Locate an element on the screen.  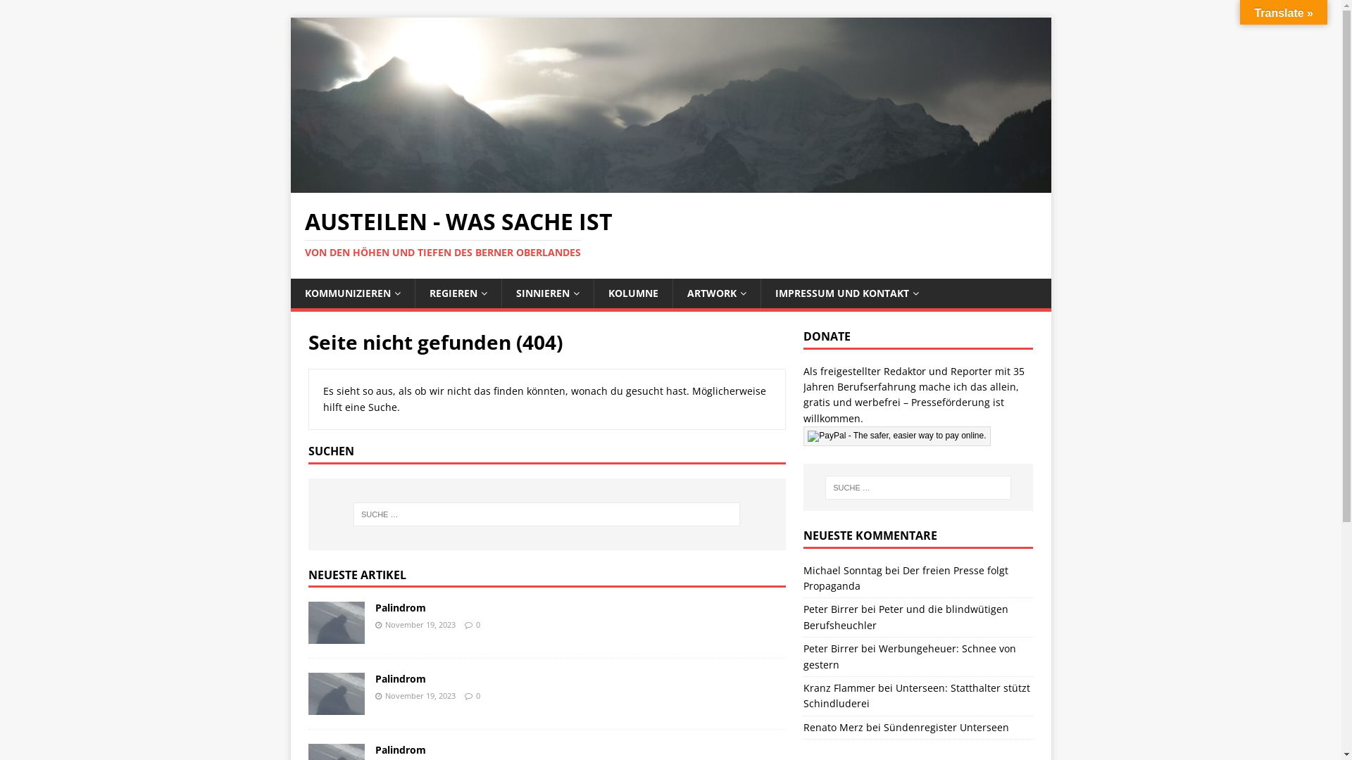
'SINNIEREN' is located at coordinates (546, 292).